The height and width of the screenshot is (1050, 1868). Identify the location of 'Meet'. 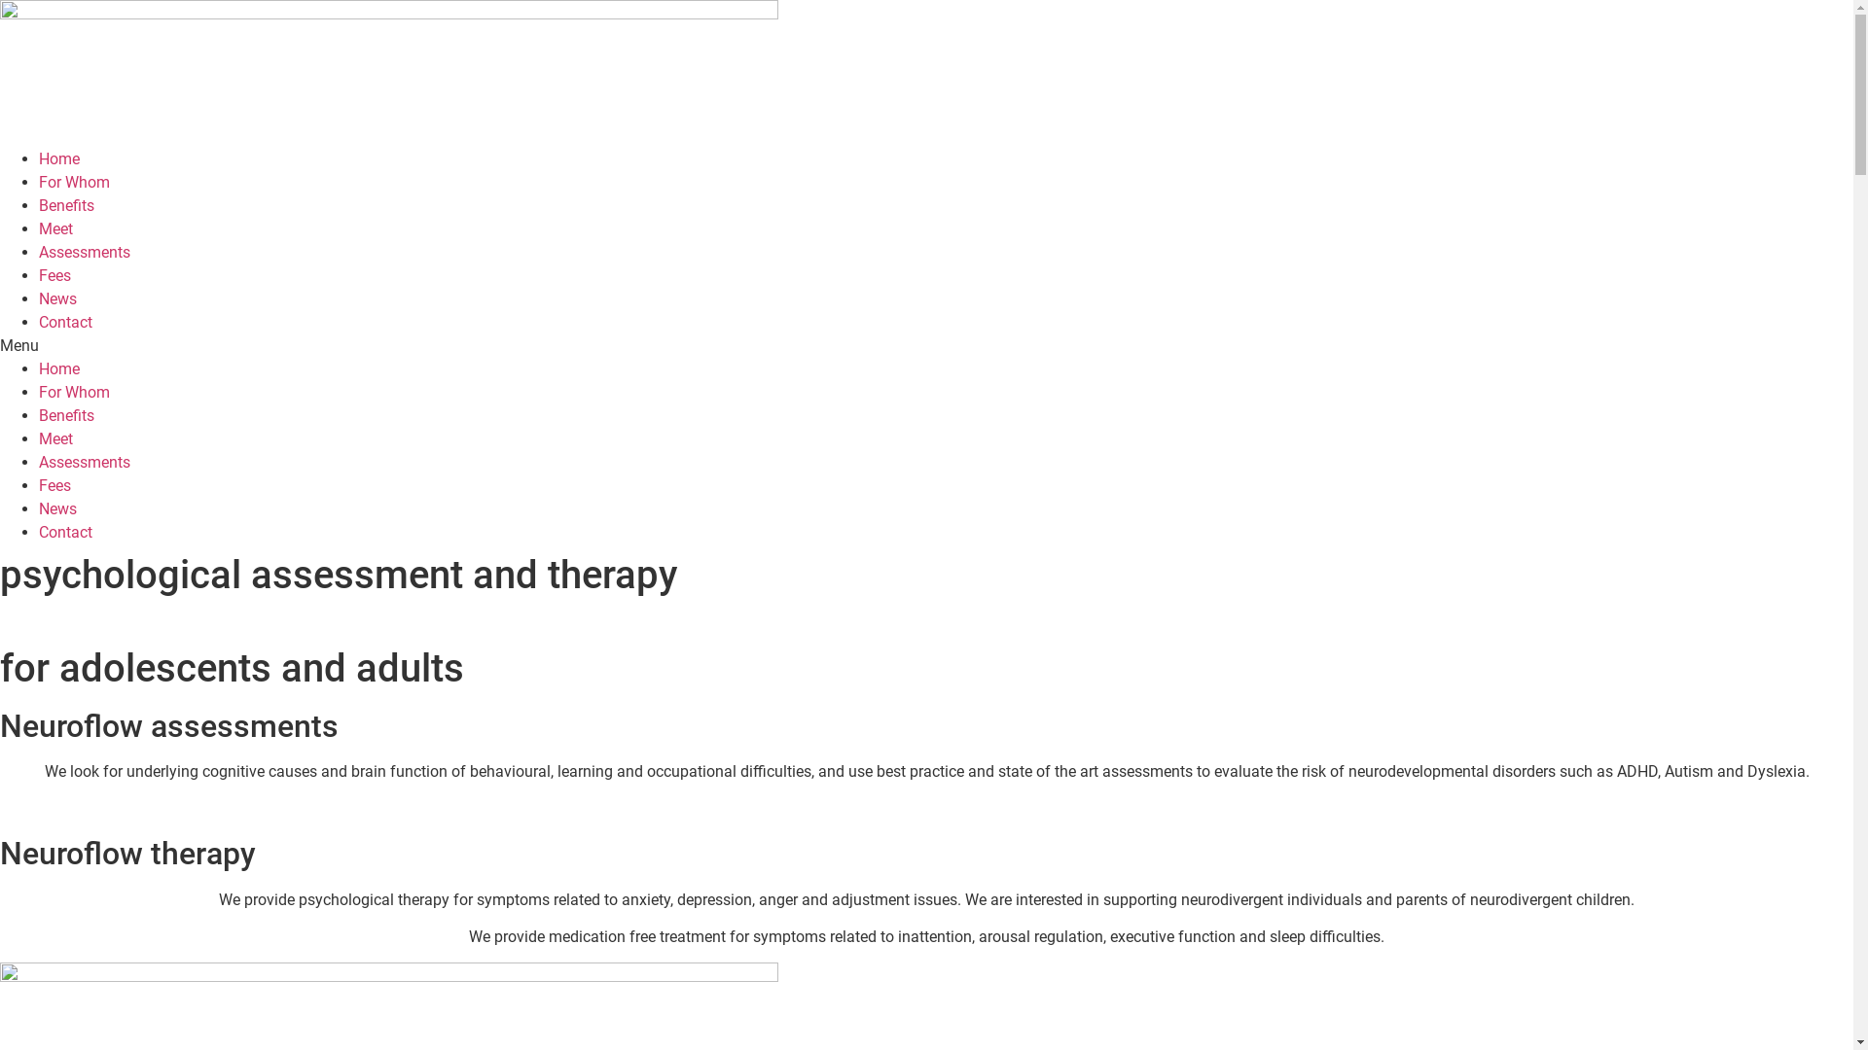
(55, 438).